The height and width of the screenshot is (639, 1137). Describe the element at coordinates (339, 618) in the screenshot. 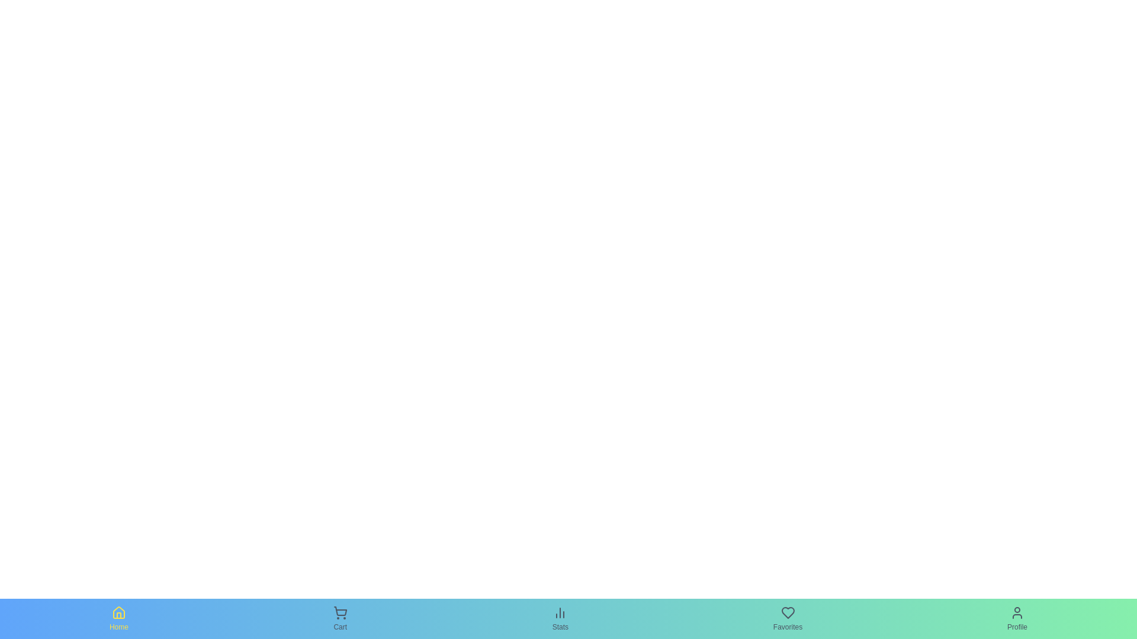

I see `the Cart tab in the bottom navigation bar` at that location.